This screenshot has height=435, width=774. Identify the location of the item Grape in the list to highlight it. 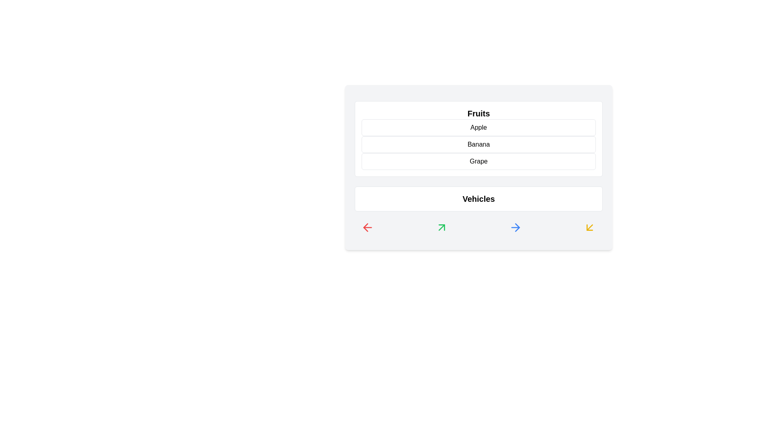
(479, 162).